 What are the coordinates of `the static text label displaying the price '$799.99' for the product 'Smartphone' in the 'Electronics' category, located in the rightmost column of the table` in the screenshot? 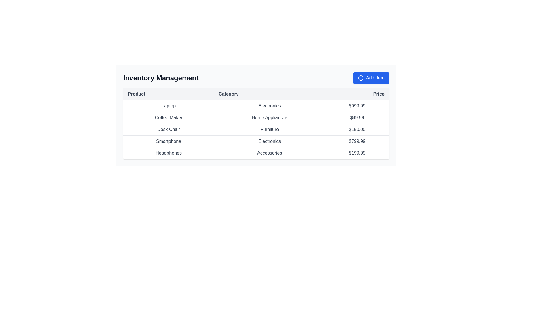 It's located at (357, 141).